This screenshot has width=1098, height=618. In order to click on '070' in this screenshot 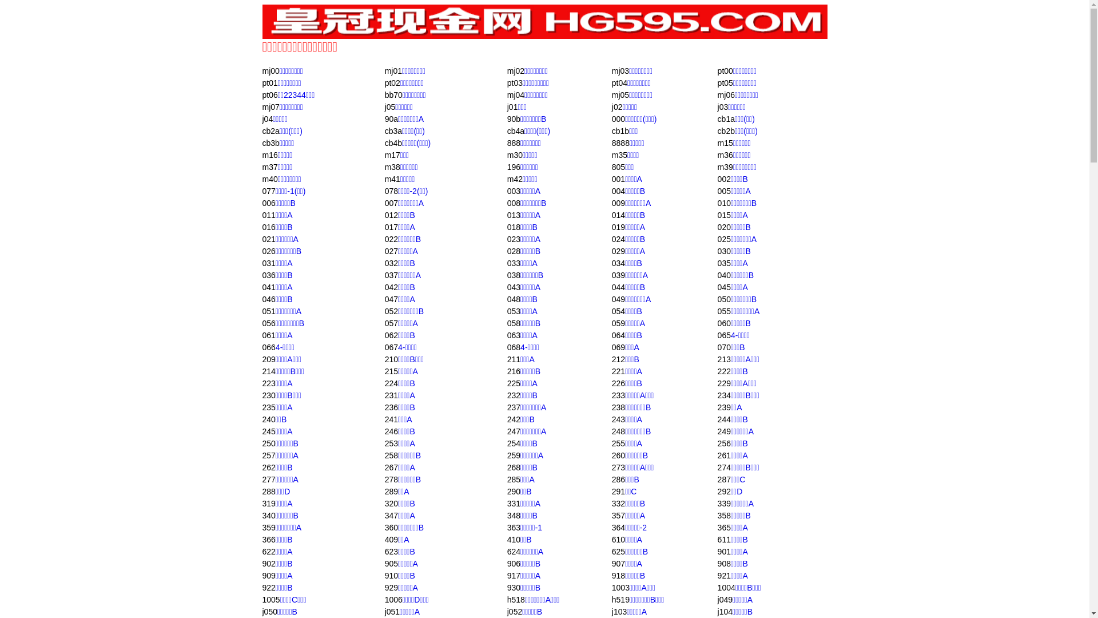, I will do `click(717, 346)`.